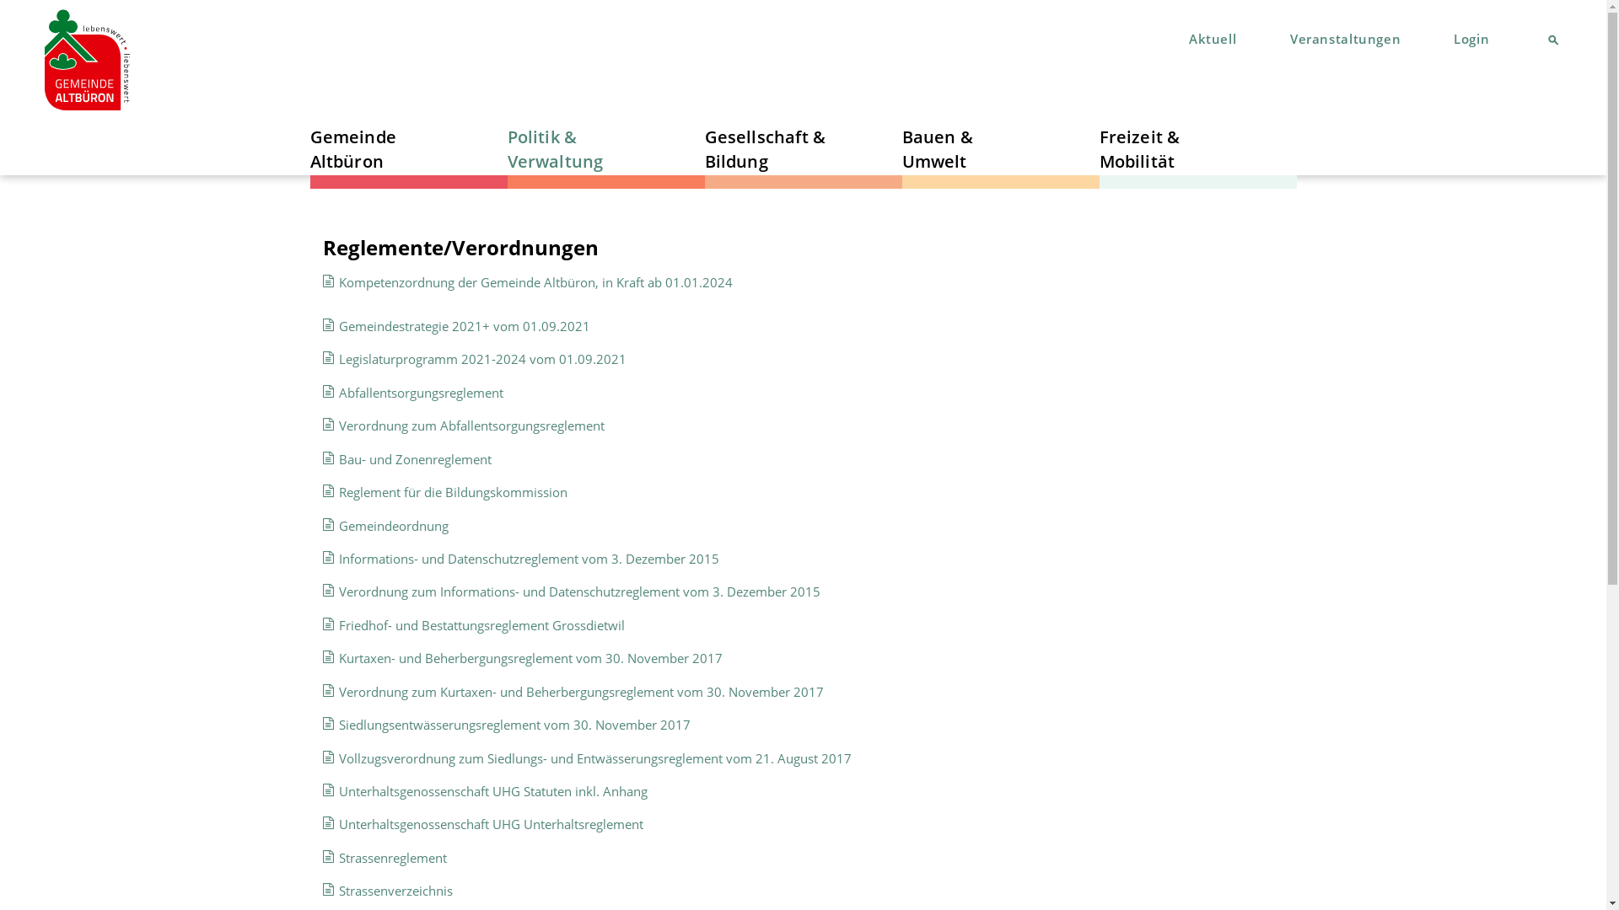  I want to click on 'Legislaturprogramm 2021-2024 vom 01.09.2021', so click(481, 357).